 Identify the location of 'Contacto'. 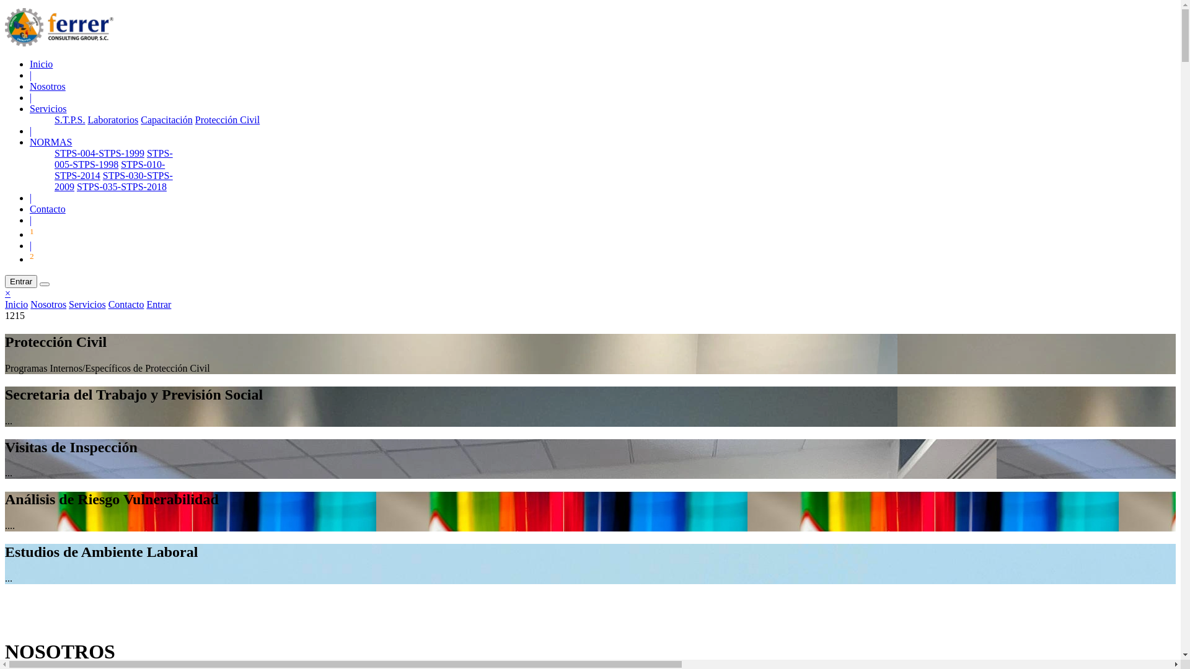
(108, 304).